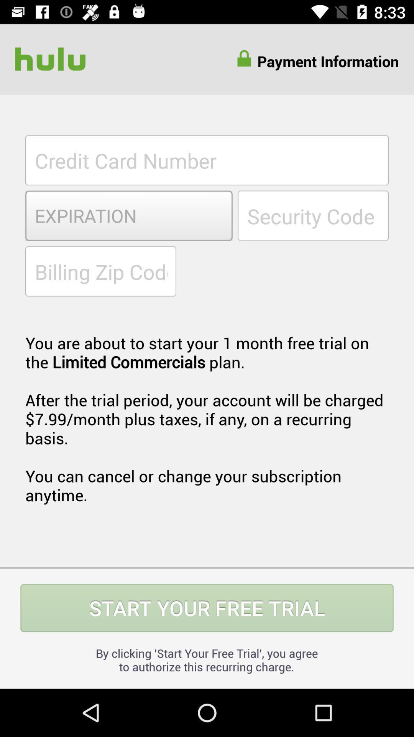  What do you see at coordinates (313, 215) in the screenshot?
I see `input card security code` at bounding box center [313, 215].